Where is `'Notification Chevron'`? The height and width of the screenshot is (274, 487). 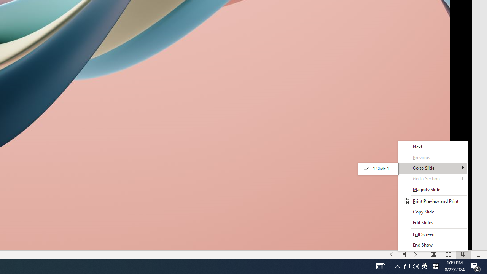 'Notification Chevron' is located at coordinates (415, 266).